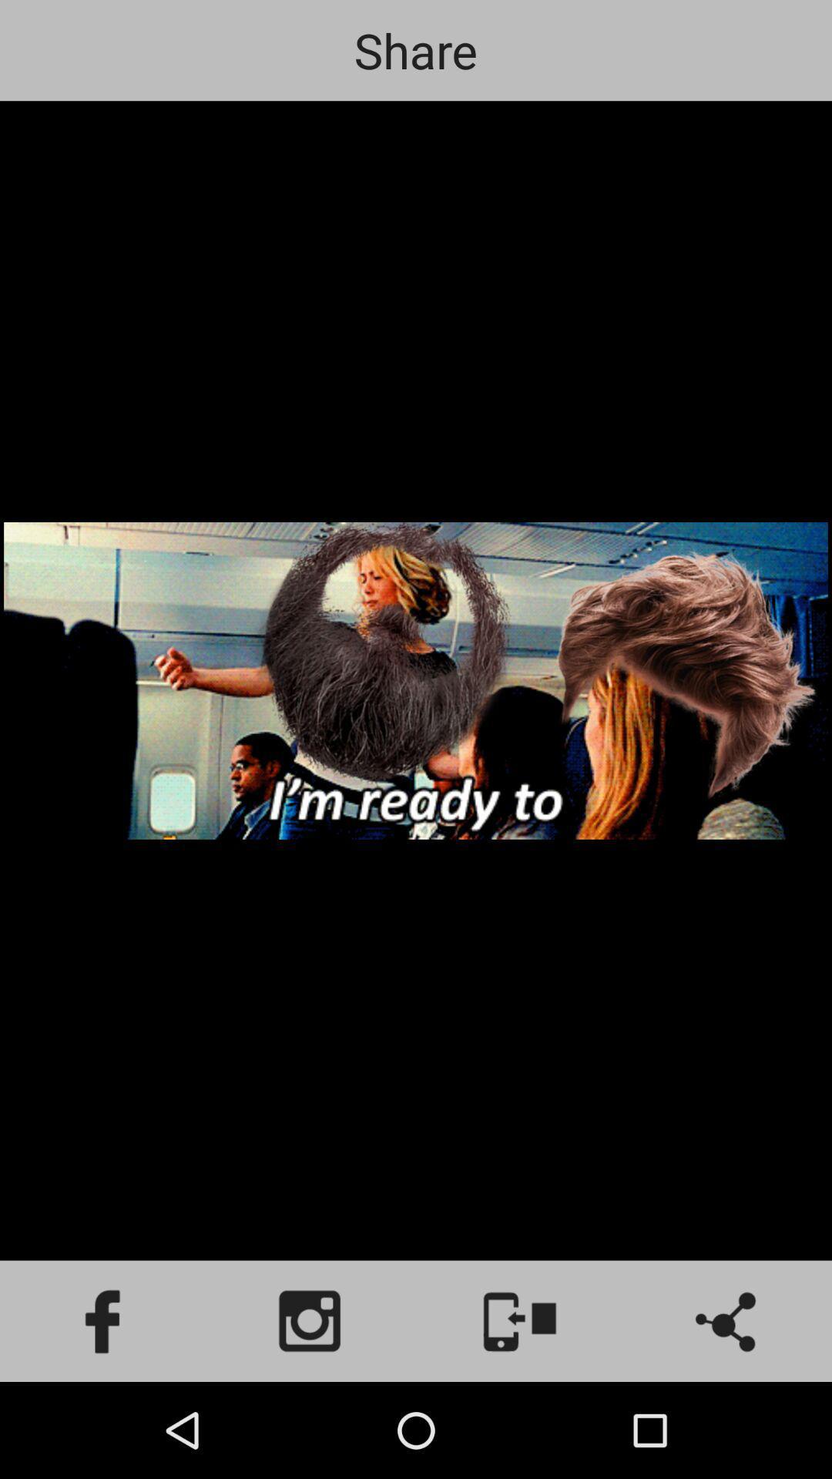 This screenshot has height=1479, width=832. Describe the element at coordinates (728, 1320) in the screenshot. I see `share` at that location.